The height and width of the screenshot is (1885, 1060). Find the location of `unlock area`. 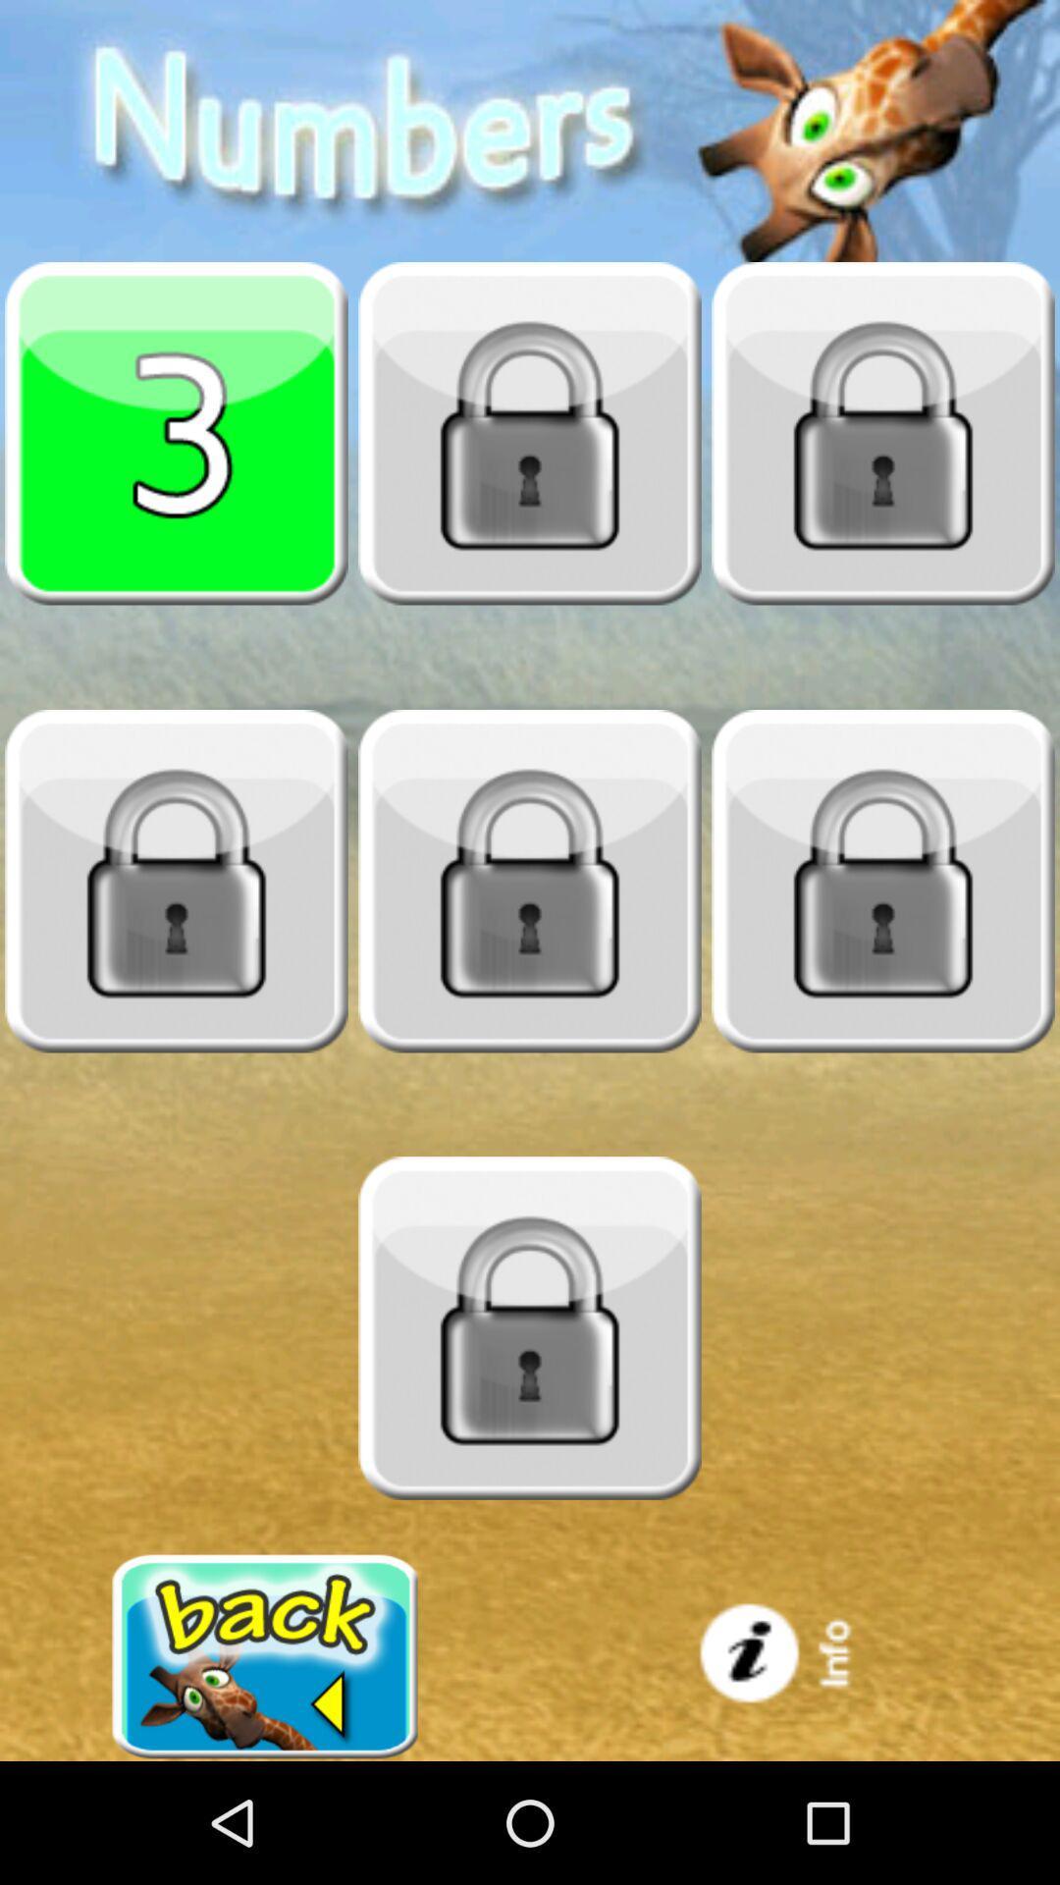

unlock area is located at coordinates (530, 1328).